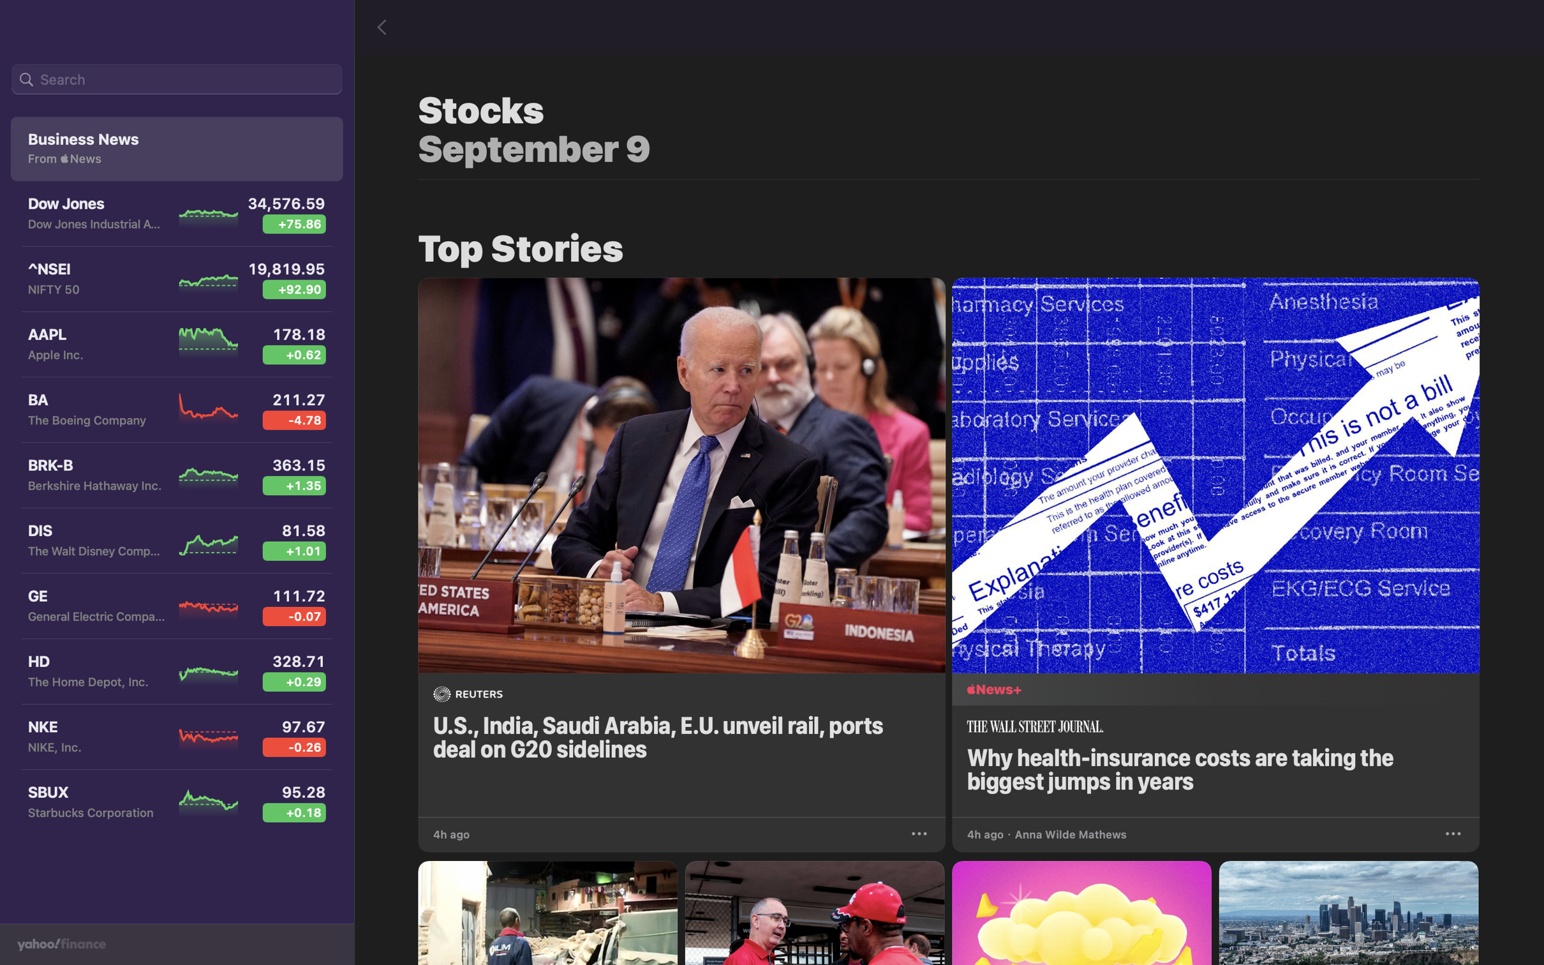 Image resolution: width=1544 pixels, height=965 pixels. What do you see at coordinates (1219, 544) in the screenshot?
I see `the health insurance news article` at bounding box center [1219, 544].